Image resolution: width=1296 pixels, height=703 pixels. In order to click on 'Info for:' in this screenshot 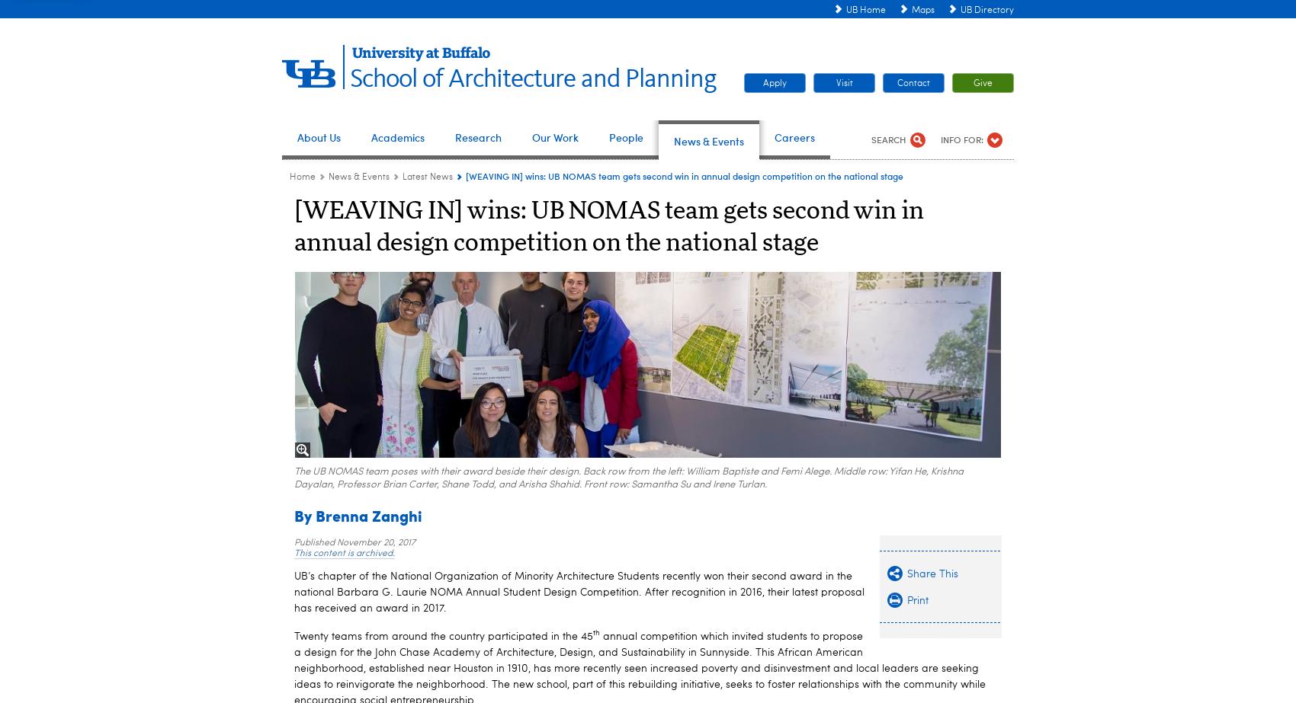, I will do `click(961, 139)`.